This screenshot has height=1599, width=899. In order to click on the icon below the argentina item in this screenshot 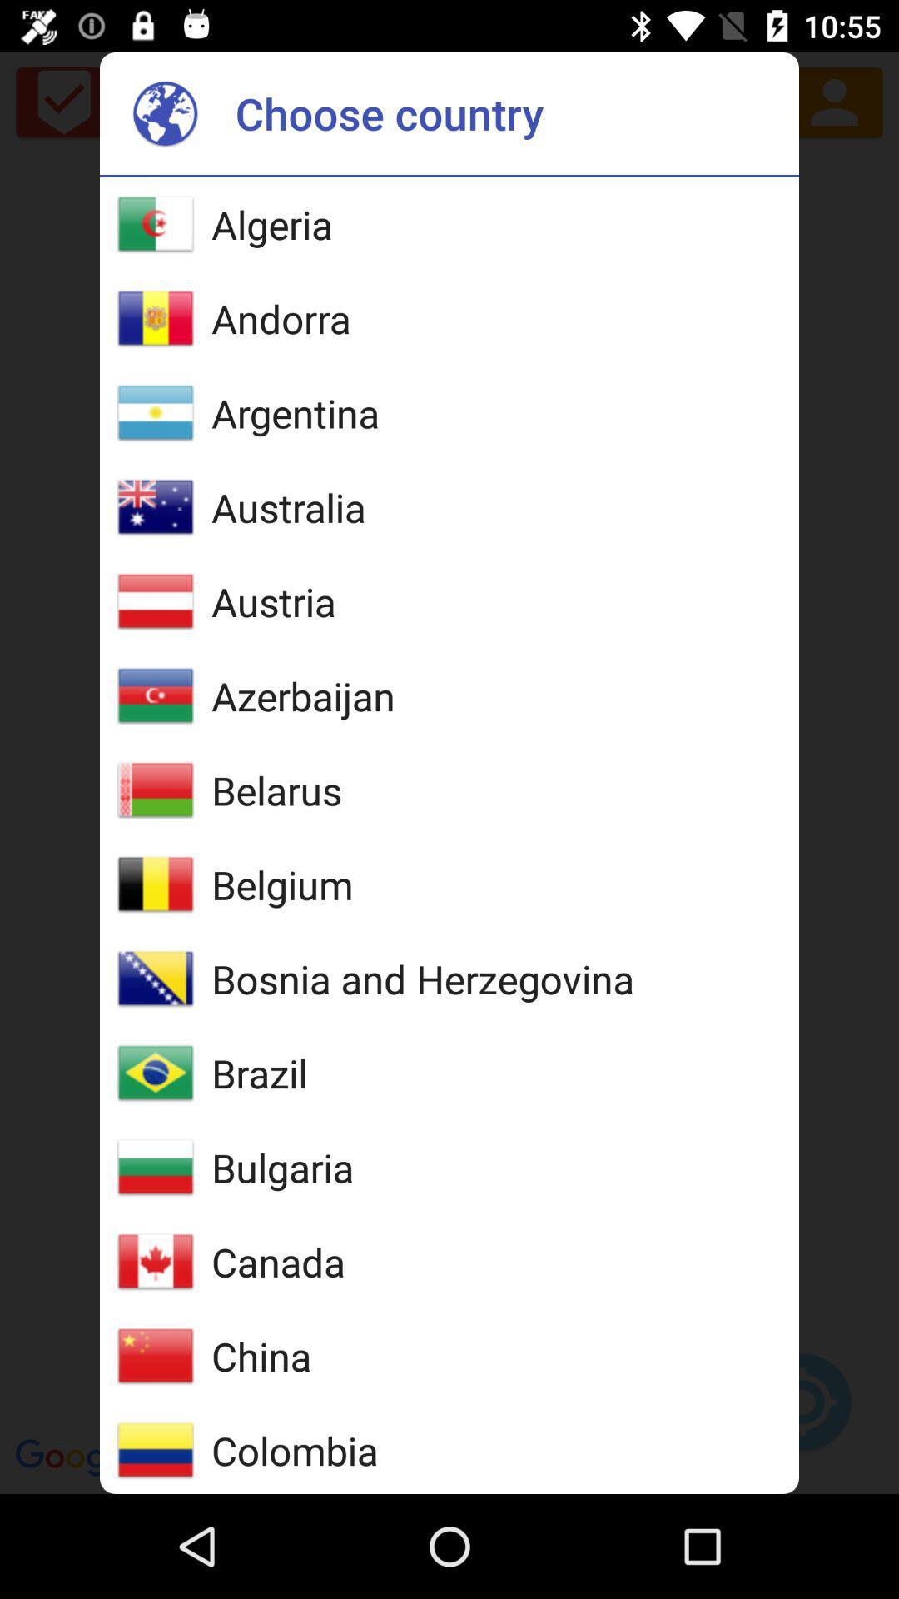, I will do `click(287, 506)`.